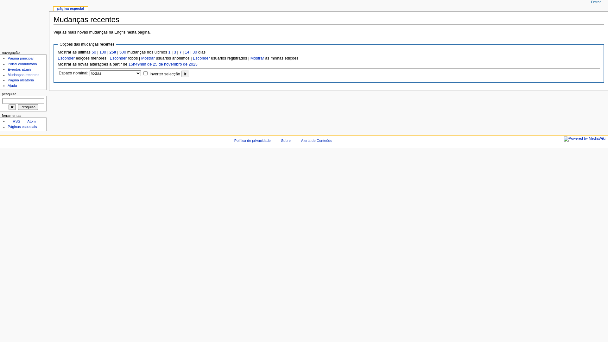 The width and height of the screenshot is (608, 342). Describe the element at coordinates (66, 58) in the screenshot. I see `'Esconder'` at that location.